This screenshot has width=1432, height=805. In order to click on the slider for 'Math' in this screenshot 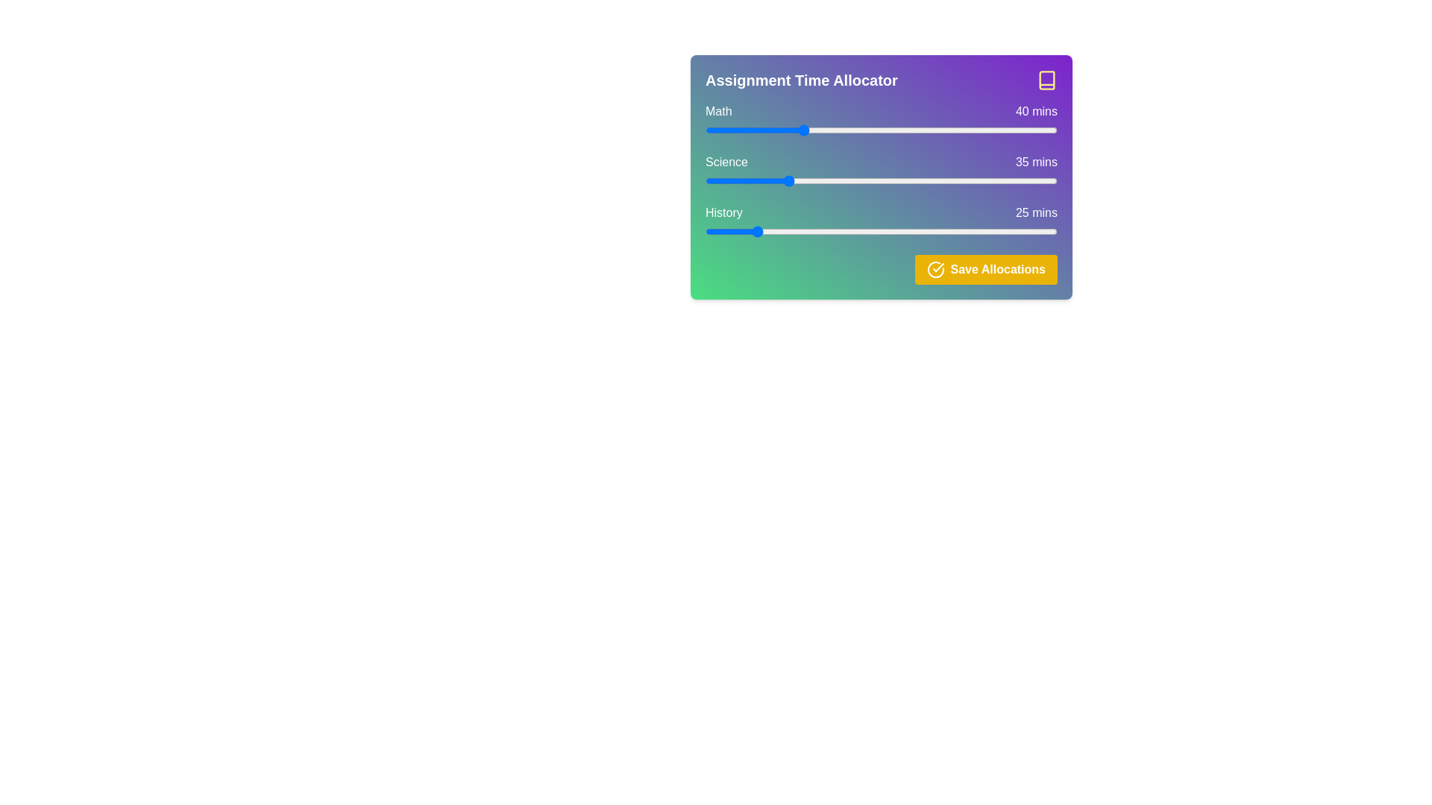, I will do `click(932, 129)`.